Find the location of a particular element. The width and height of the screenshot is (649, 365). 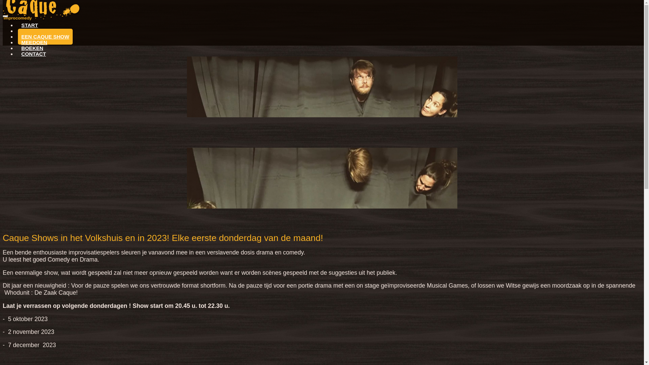

'BOEKEN' is located at coordinates (32, 48).